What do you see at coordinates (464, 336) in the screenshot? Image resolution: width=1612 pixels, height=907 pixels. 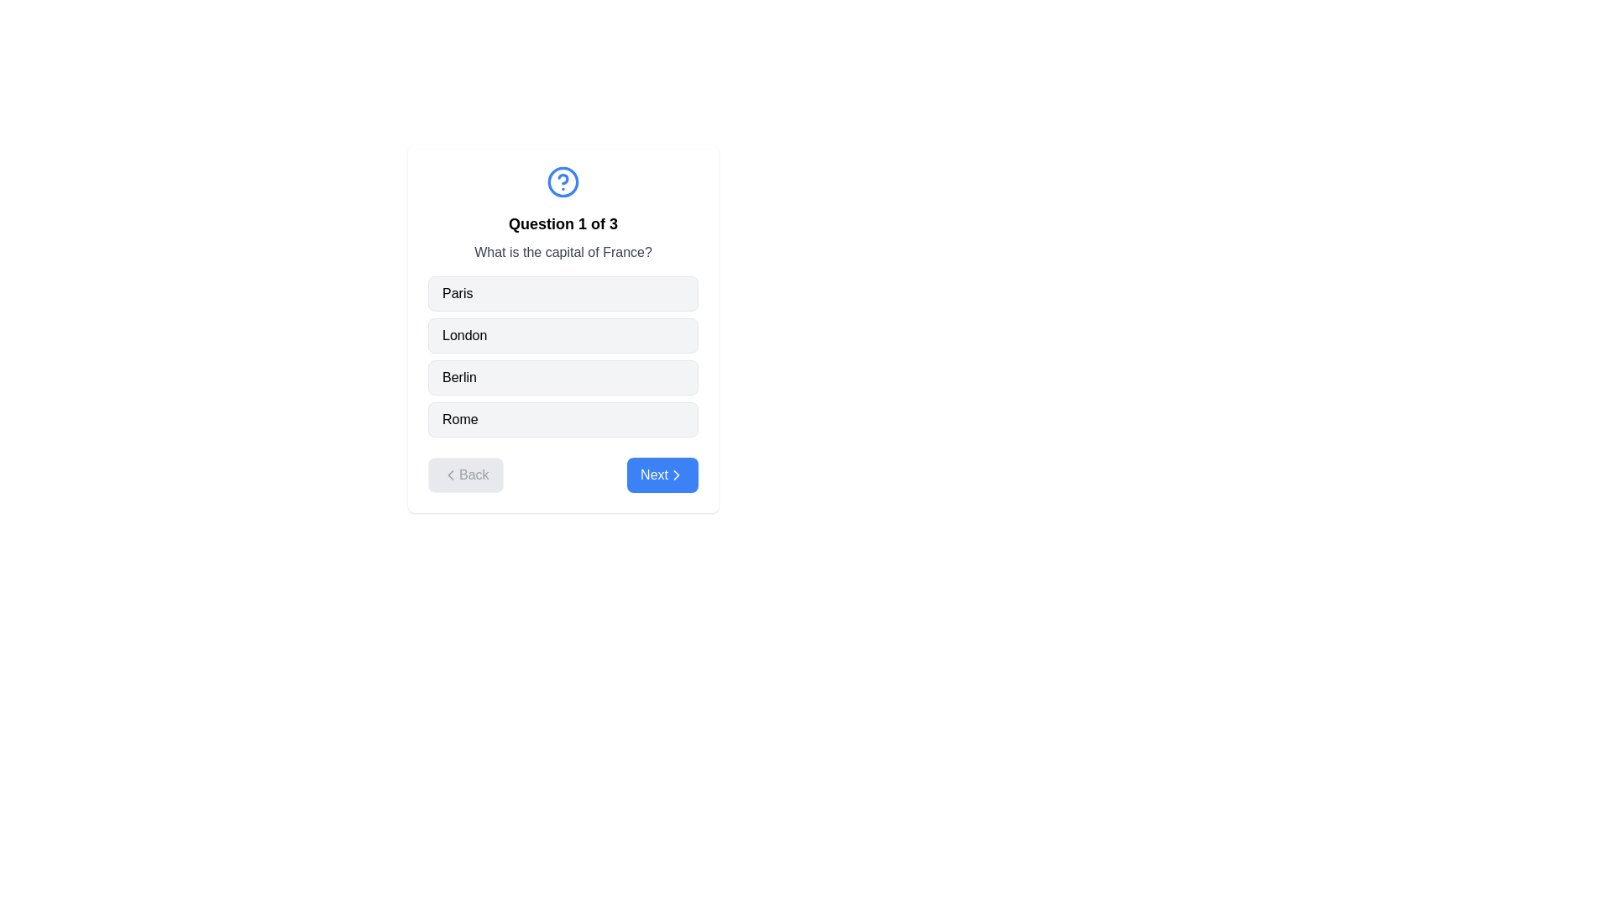 I see `the text that is the second selectable option in the vertical list under the question 'What is the capital of France?'` at bounding box center [464, 336].